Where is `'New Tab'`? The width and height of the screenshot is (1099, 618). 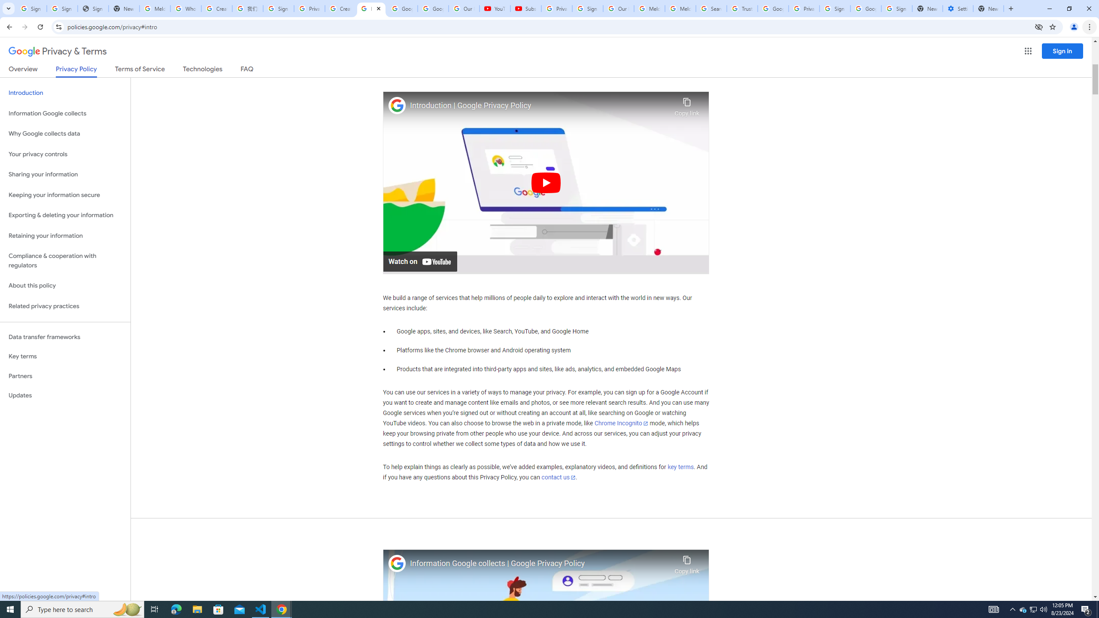 'New Tab' is located at coordinates (988, 8).